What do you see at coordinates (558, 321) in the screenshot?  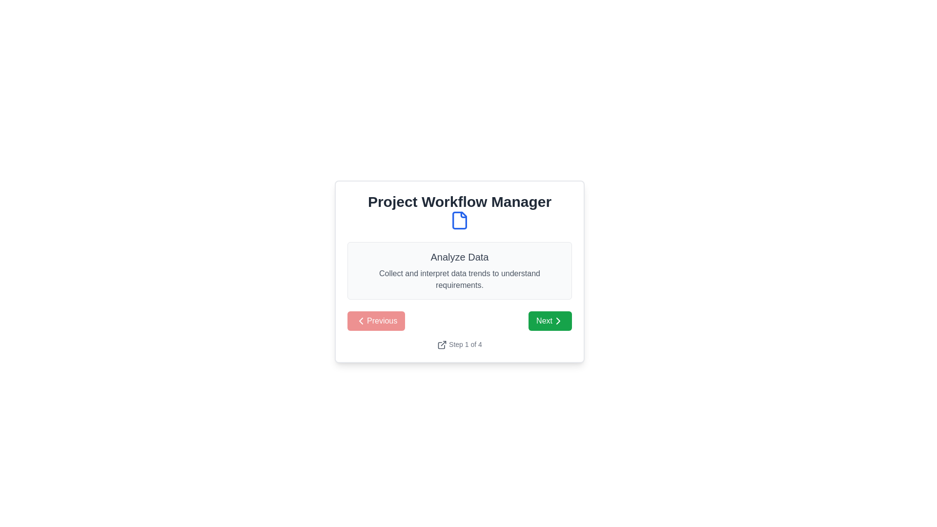 I see `the right-pointing arrow icon located inside the green 'Next' button, positioned near the bottom right corner of the interface` at bounding box center [558, 321].